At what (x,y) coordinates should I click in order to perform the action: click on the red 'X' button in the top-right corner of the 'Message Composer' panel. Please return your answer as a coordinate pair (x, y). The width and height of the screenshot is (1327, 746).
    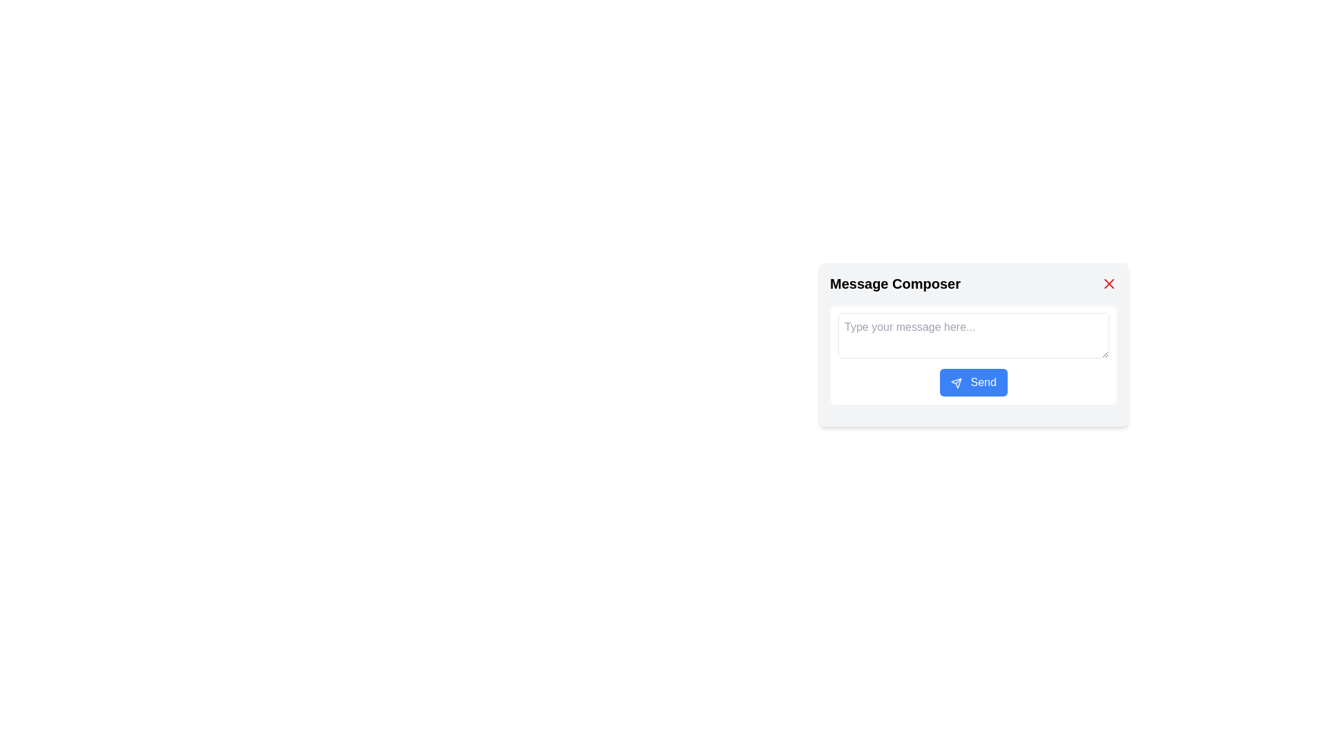
    Looking at the image, I should click on (1109, 283).